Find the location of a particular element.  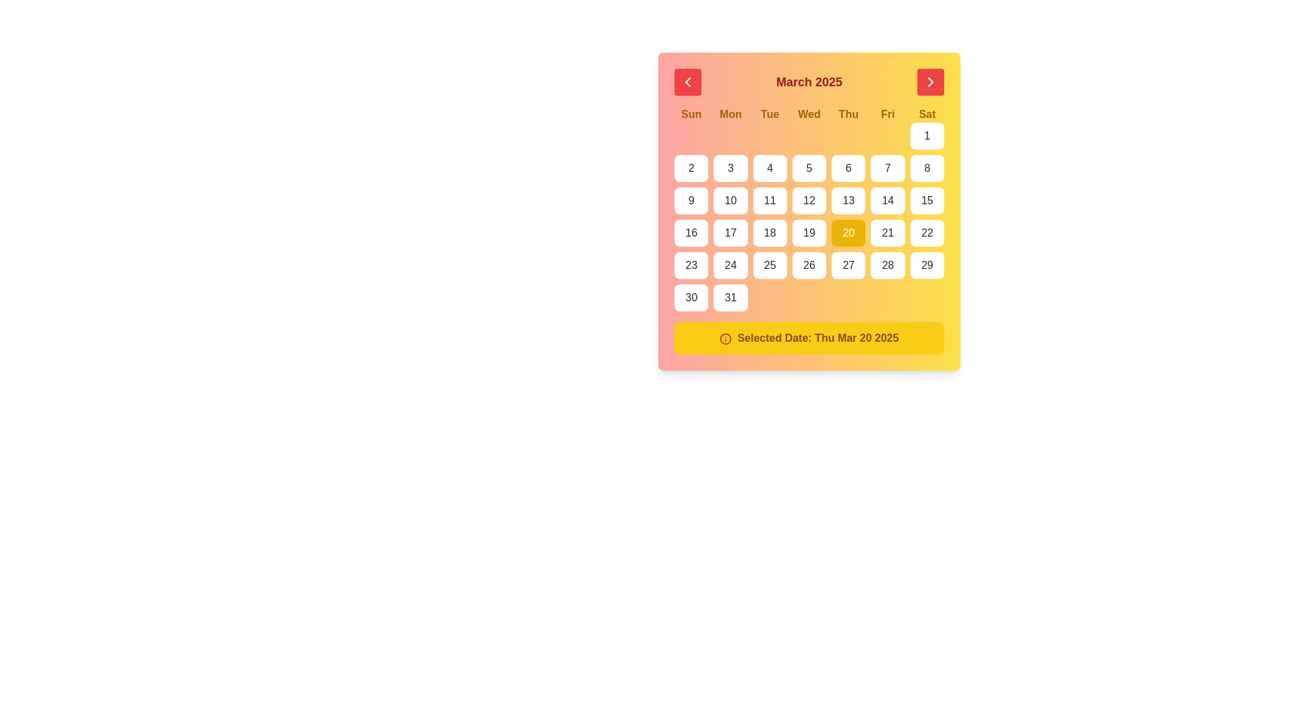

the date selector button representing the date '10' in the second row of the calendar is located at coordinates (730, 200).